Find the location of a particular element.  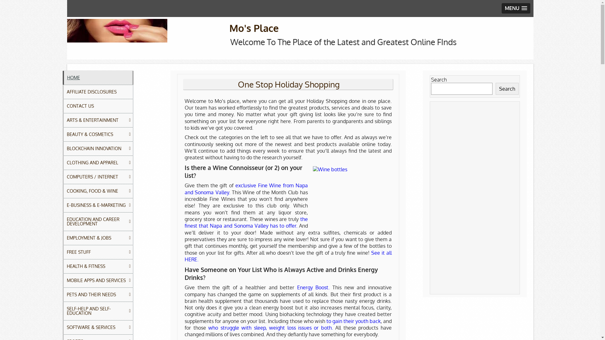

'the finest that Napa and Sonoma Valley has to offer.' is located at coordinates (246, 222).